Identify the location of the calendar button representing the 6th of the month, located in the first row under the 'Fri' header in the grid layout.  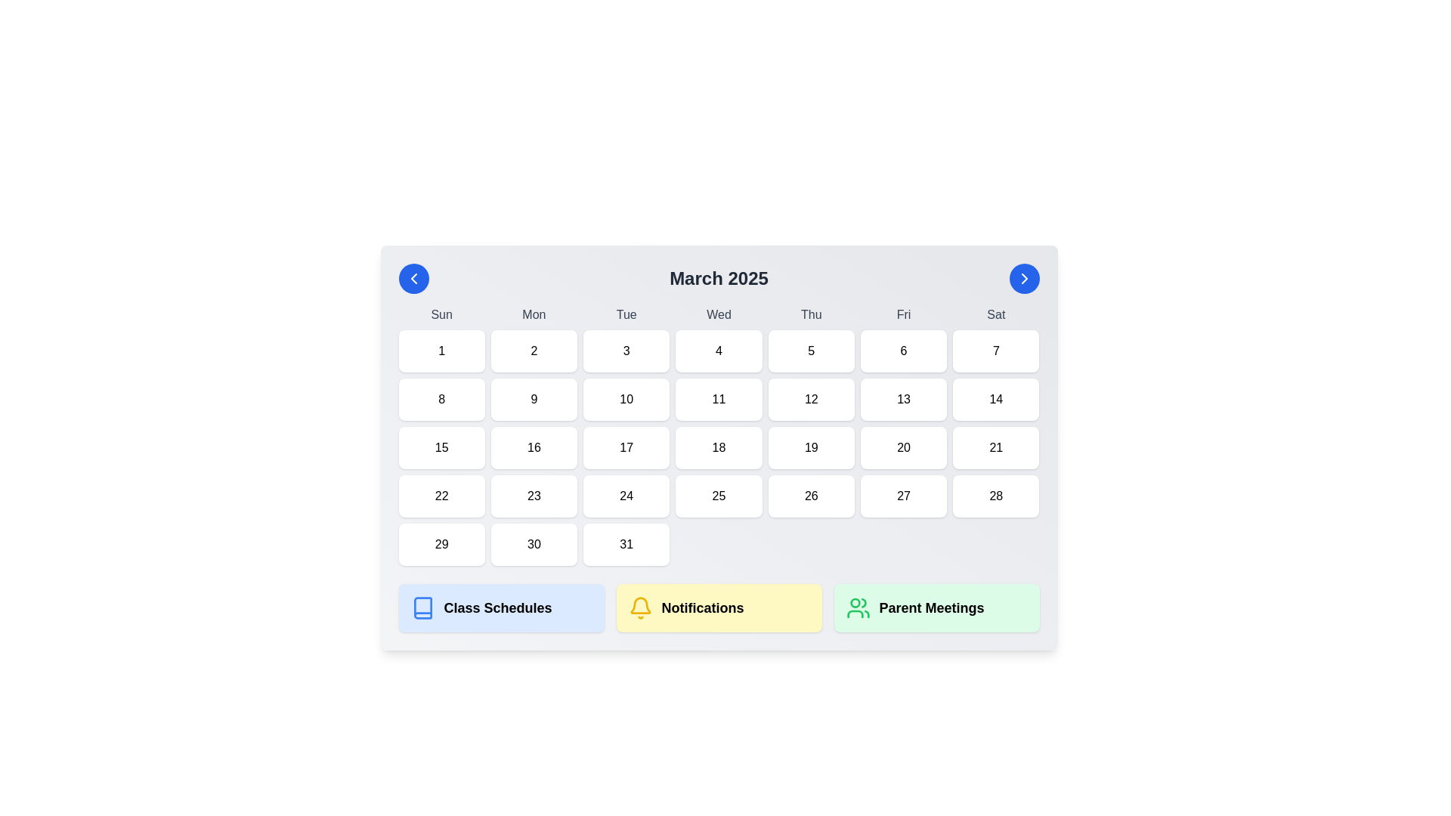
(903, 351).